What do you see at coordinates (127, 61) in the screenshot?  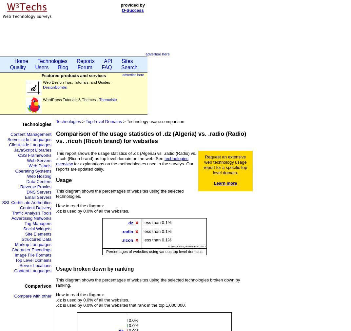 I see `'Sites'` at bounding box center [127, 61].